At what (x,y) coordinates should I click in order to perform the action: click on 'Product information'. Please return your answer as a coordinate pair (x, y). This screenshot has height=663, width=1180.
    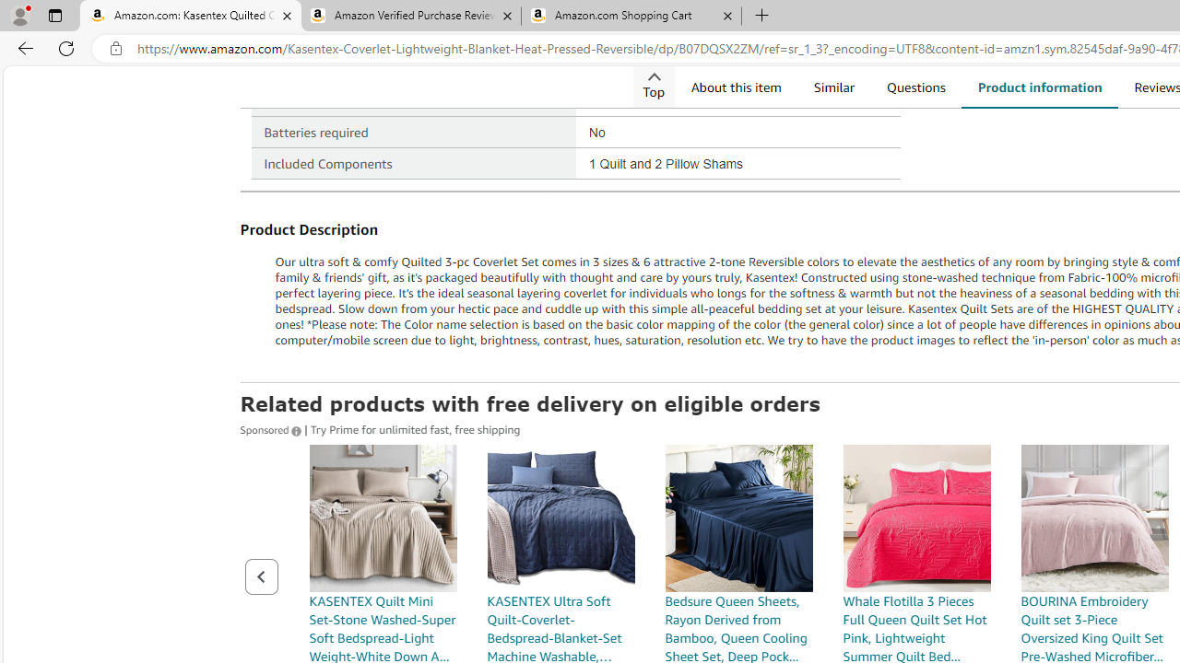
    Looking at the image, I should click on (1039, 87).